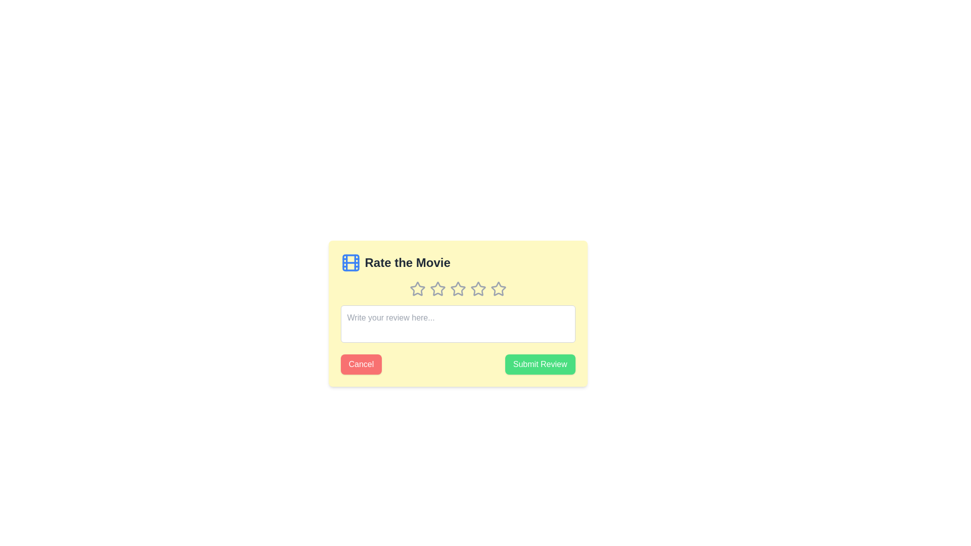 This screenshot has width=971, height=546. I want to click on the fifth star icon in the rating system, so click(498, 289).